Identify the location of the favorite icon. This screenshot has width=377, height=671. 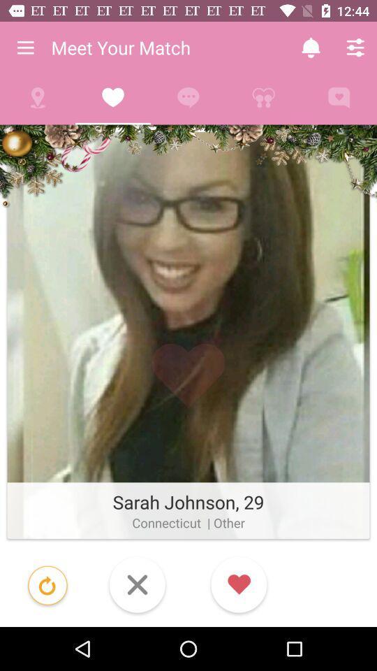
(238, 586).